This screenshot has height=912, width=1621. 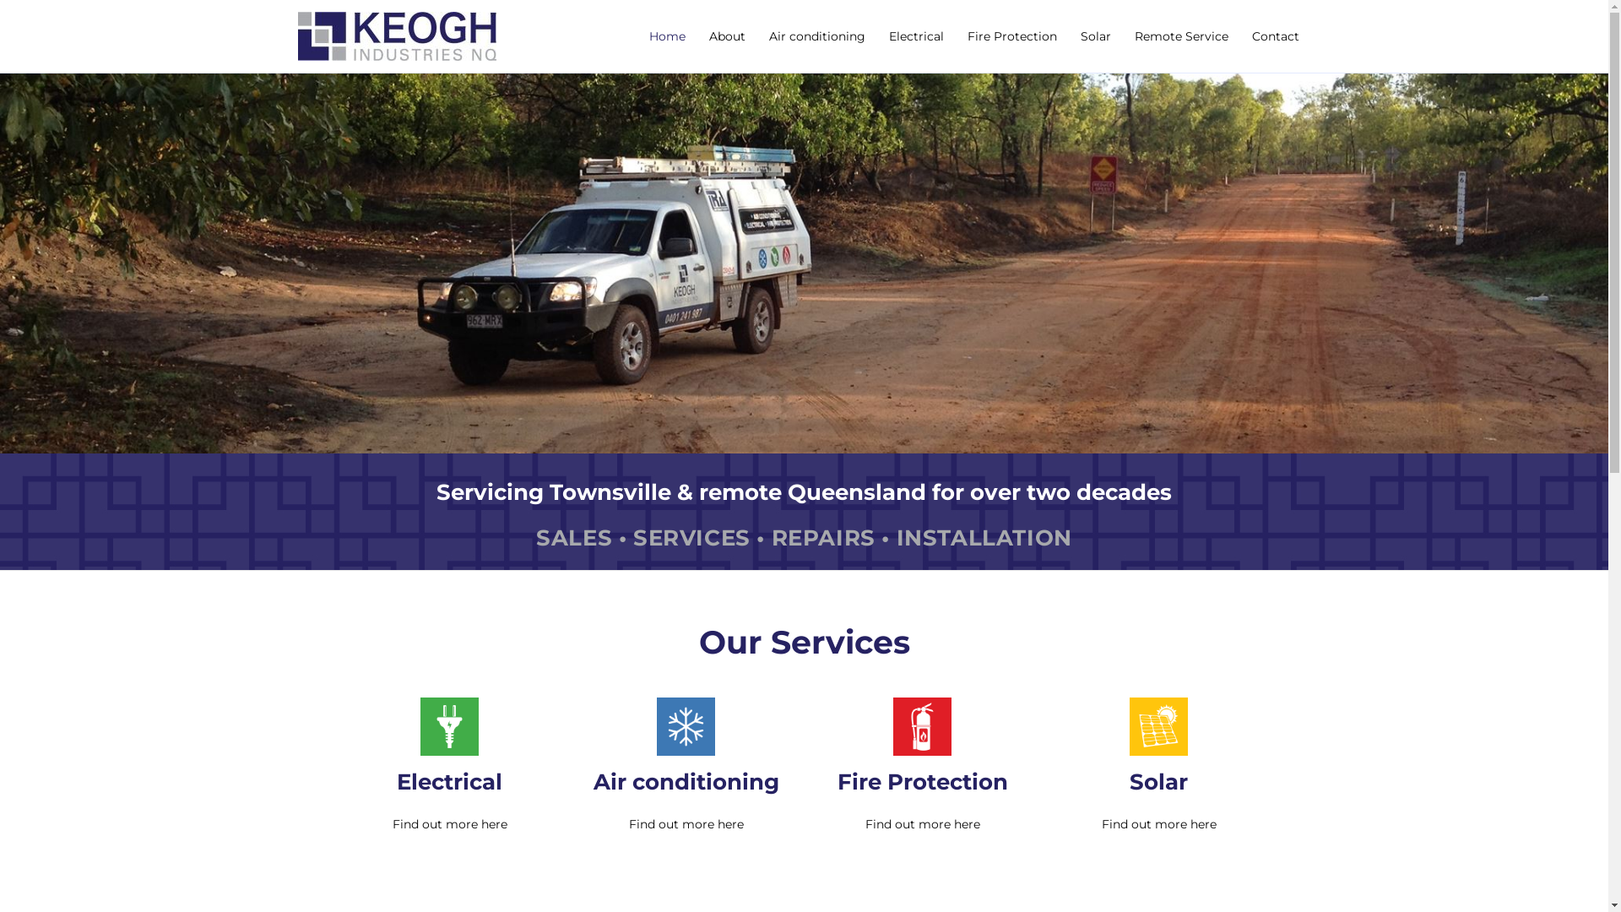 What do you see at coordinates (1095, 35) in the screenshot?
I see `'Solar'` at bounding box center [1095, 35].